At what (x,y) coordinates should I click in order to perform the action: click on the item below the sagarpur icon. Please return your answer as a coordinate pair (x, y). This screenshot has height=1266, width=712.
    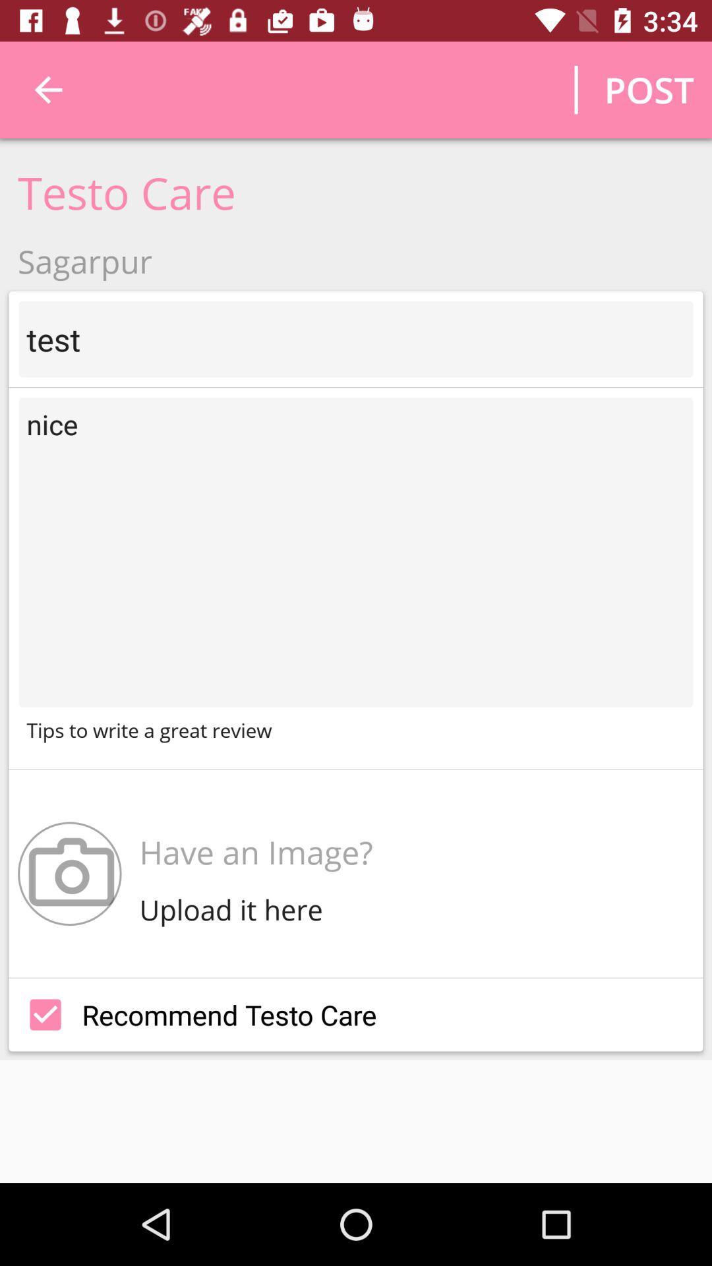
    Looking at the image, I should click on (356, 339).